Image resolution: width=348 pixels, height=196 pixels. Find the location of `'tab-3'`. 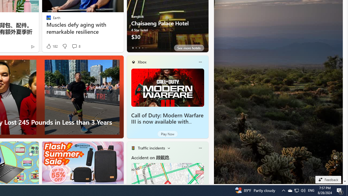

'tab-3' is located at coordinates (142, 48).